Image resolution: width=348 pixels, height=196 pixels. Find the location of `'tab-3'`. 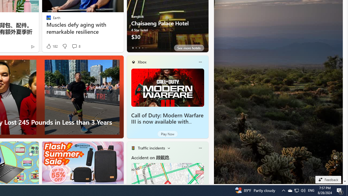

'tab-3' is located at coordinates (142, 48).